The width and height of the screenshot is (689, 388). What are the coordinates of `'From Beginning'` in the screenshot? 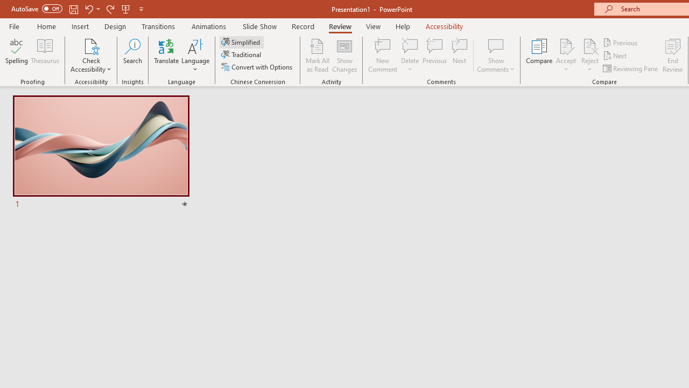 It's located at (126, 9).